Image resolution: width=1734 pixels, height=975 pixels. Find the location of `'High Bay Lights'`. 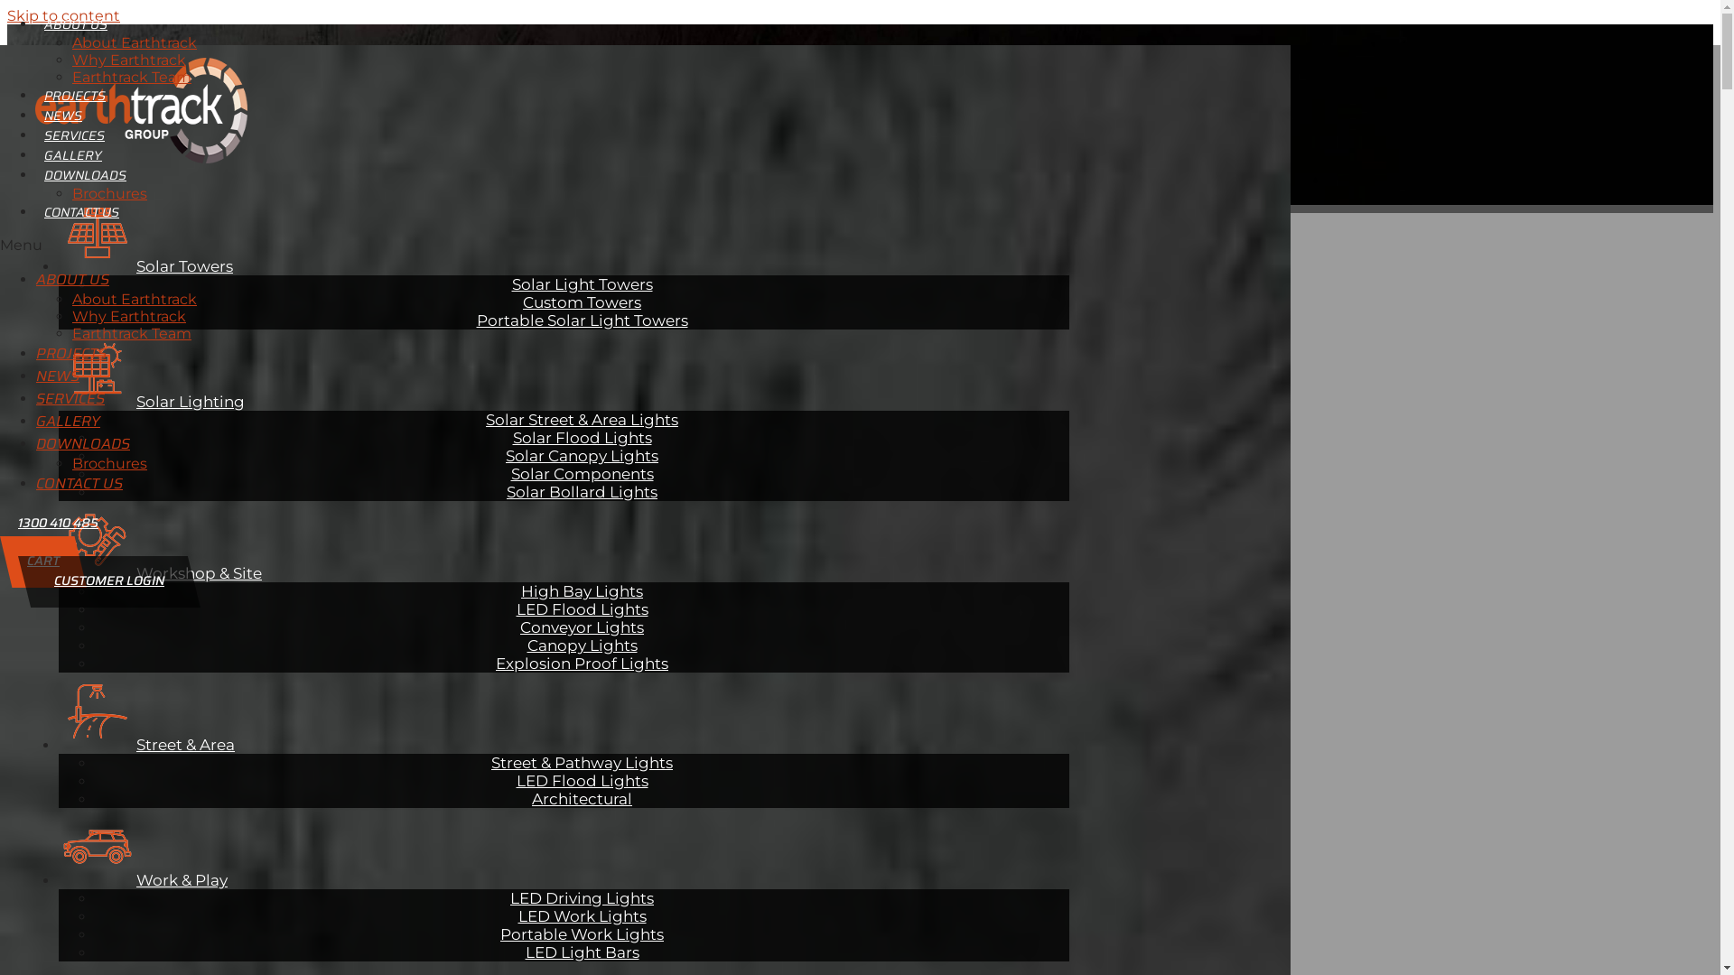

'High Bay Lights' is located at coordinates (582, 590).